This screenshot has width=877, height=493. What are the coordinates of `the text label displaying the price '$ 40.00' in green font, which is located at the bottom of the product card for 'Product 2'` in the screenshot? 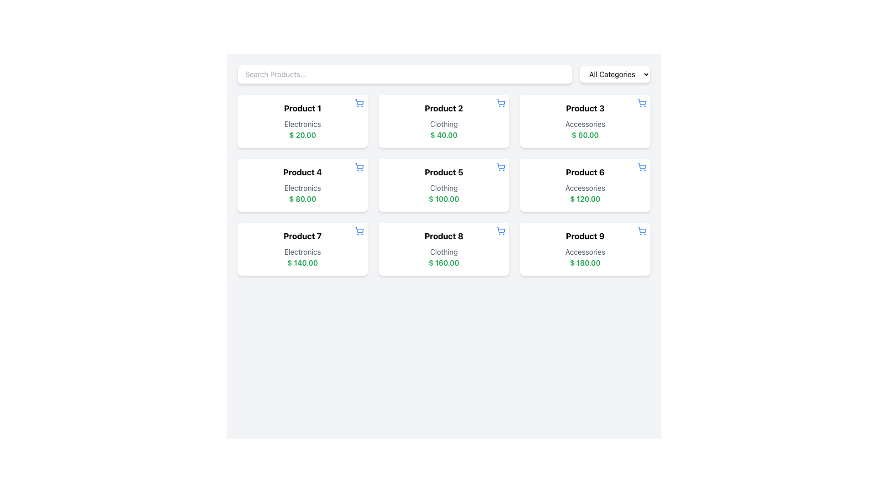 It's located at (444, 135).